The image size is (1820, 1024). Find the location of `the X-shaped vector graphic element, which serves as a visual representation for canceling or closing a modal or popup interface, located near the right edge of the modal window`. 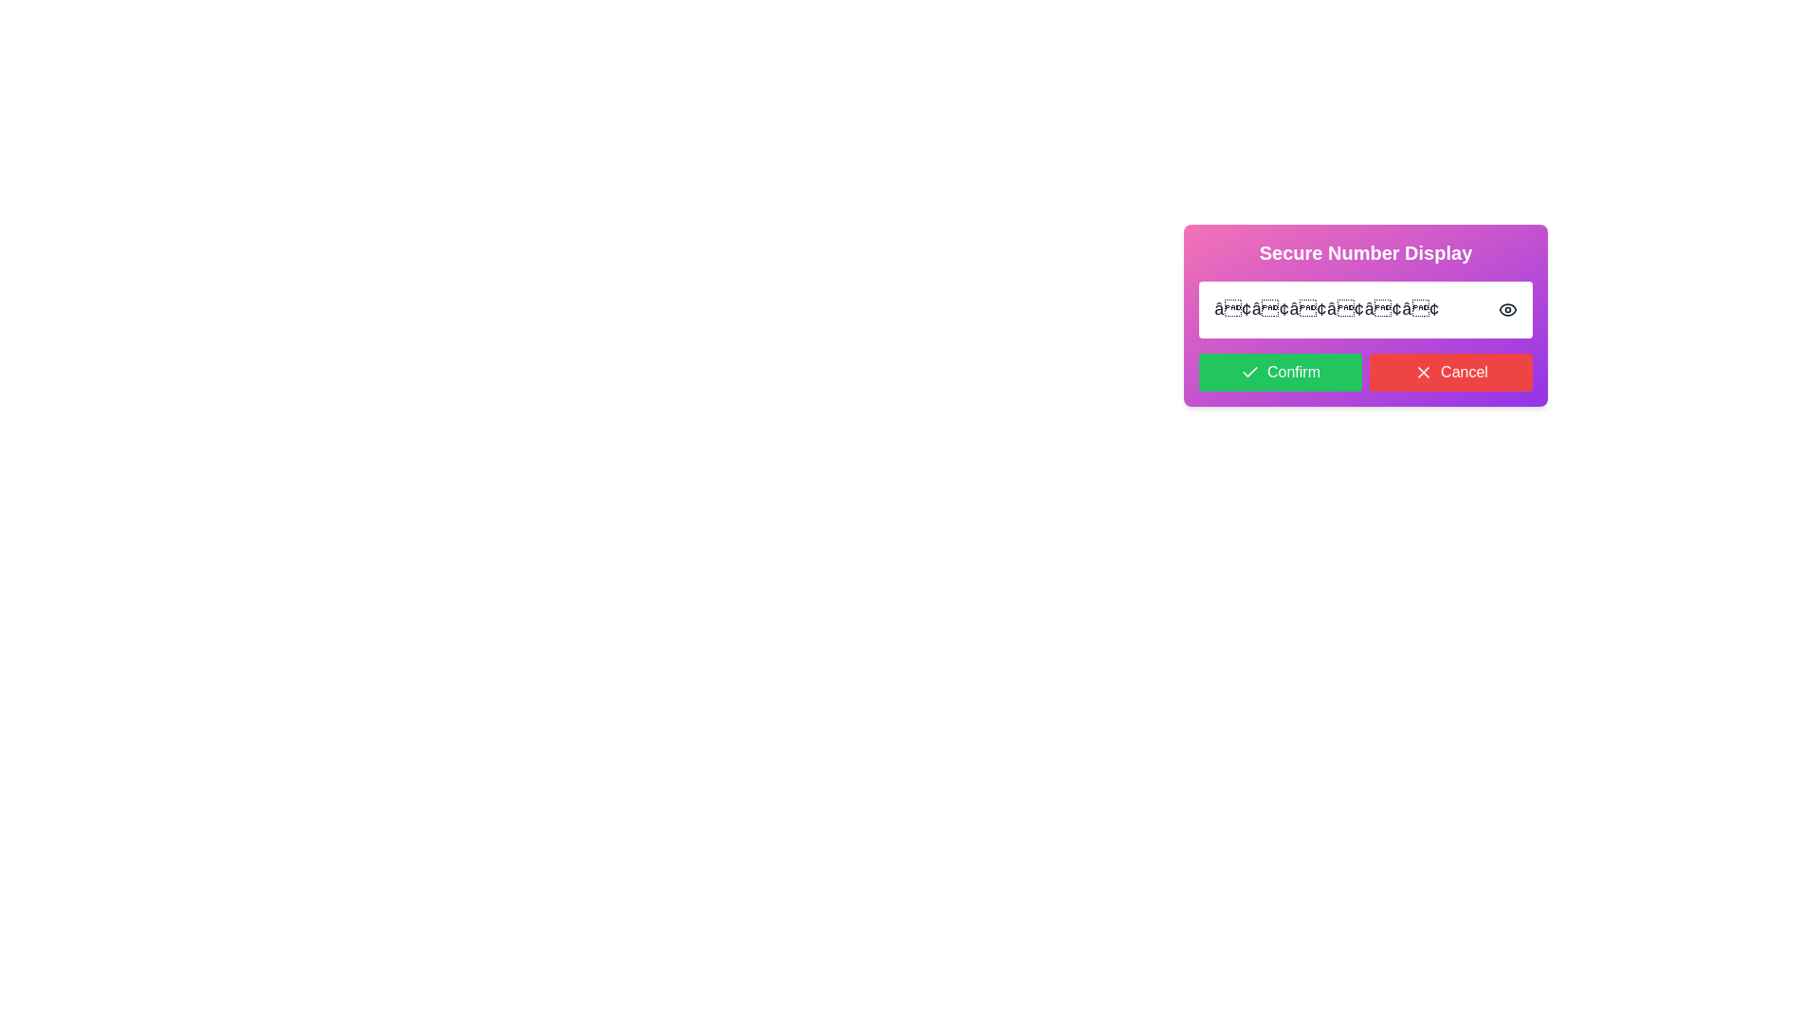

the X-shaped vector graphic element, which serves as a visual representation for canceling or closing a modal or popup interface, located near the right edge of the modal window is located at coordinates (1424, 373).